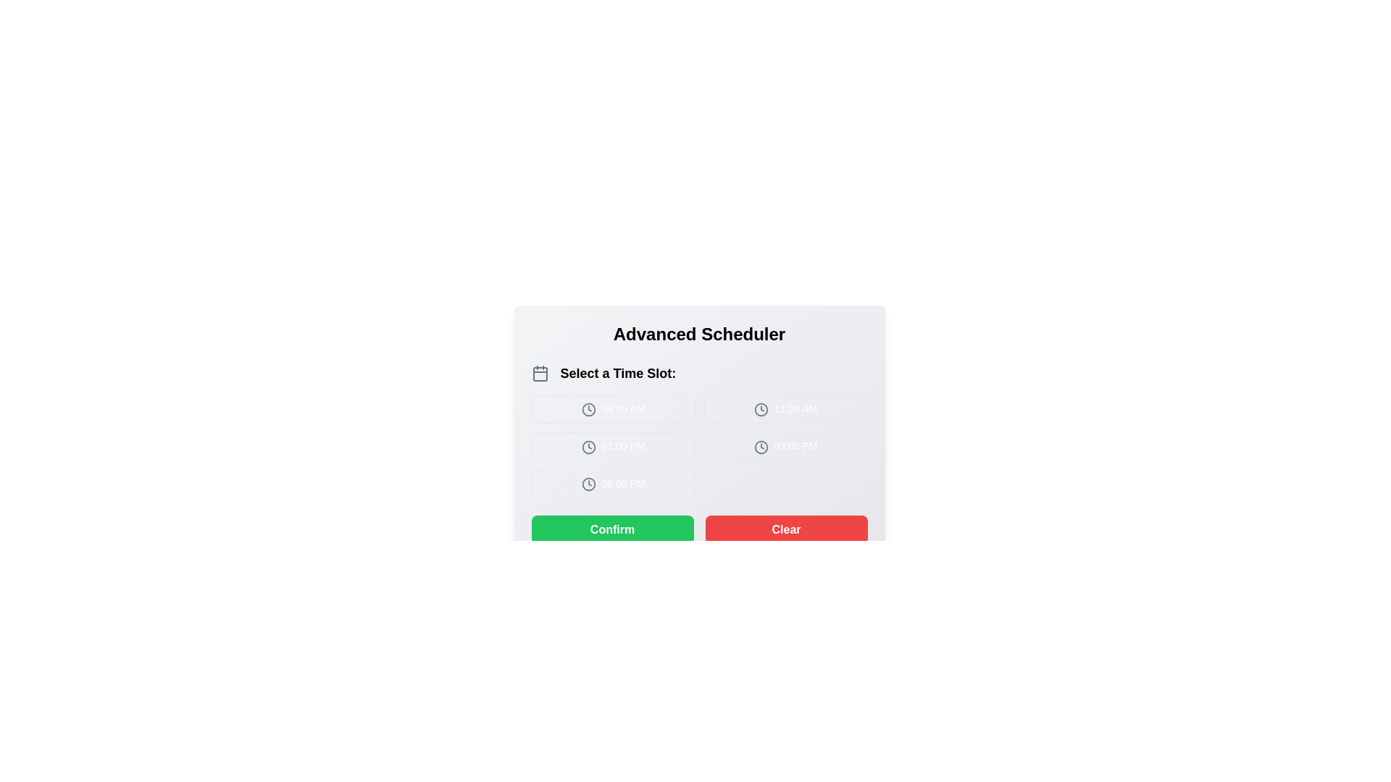 Image resolution: width=1391 pixels, height=782 pixels. I want to click on a time slot button within the 'Advanced Scheduler' component, so click(699, 429).